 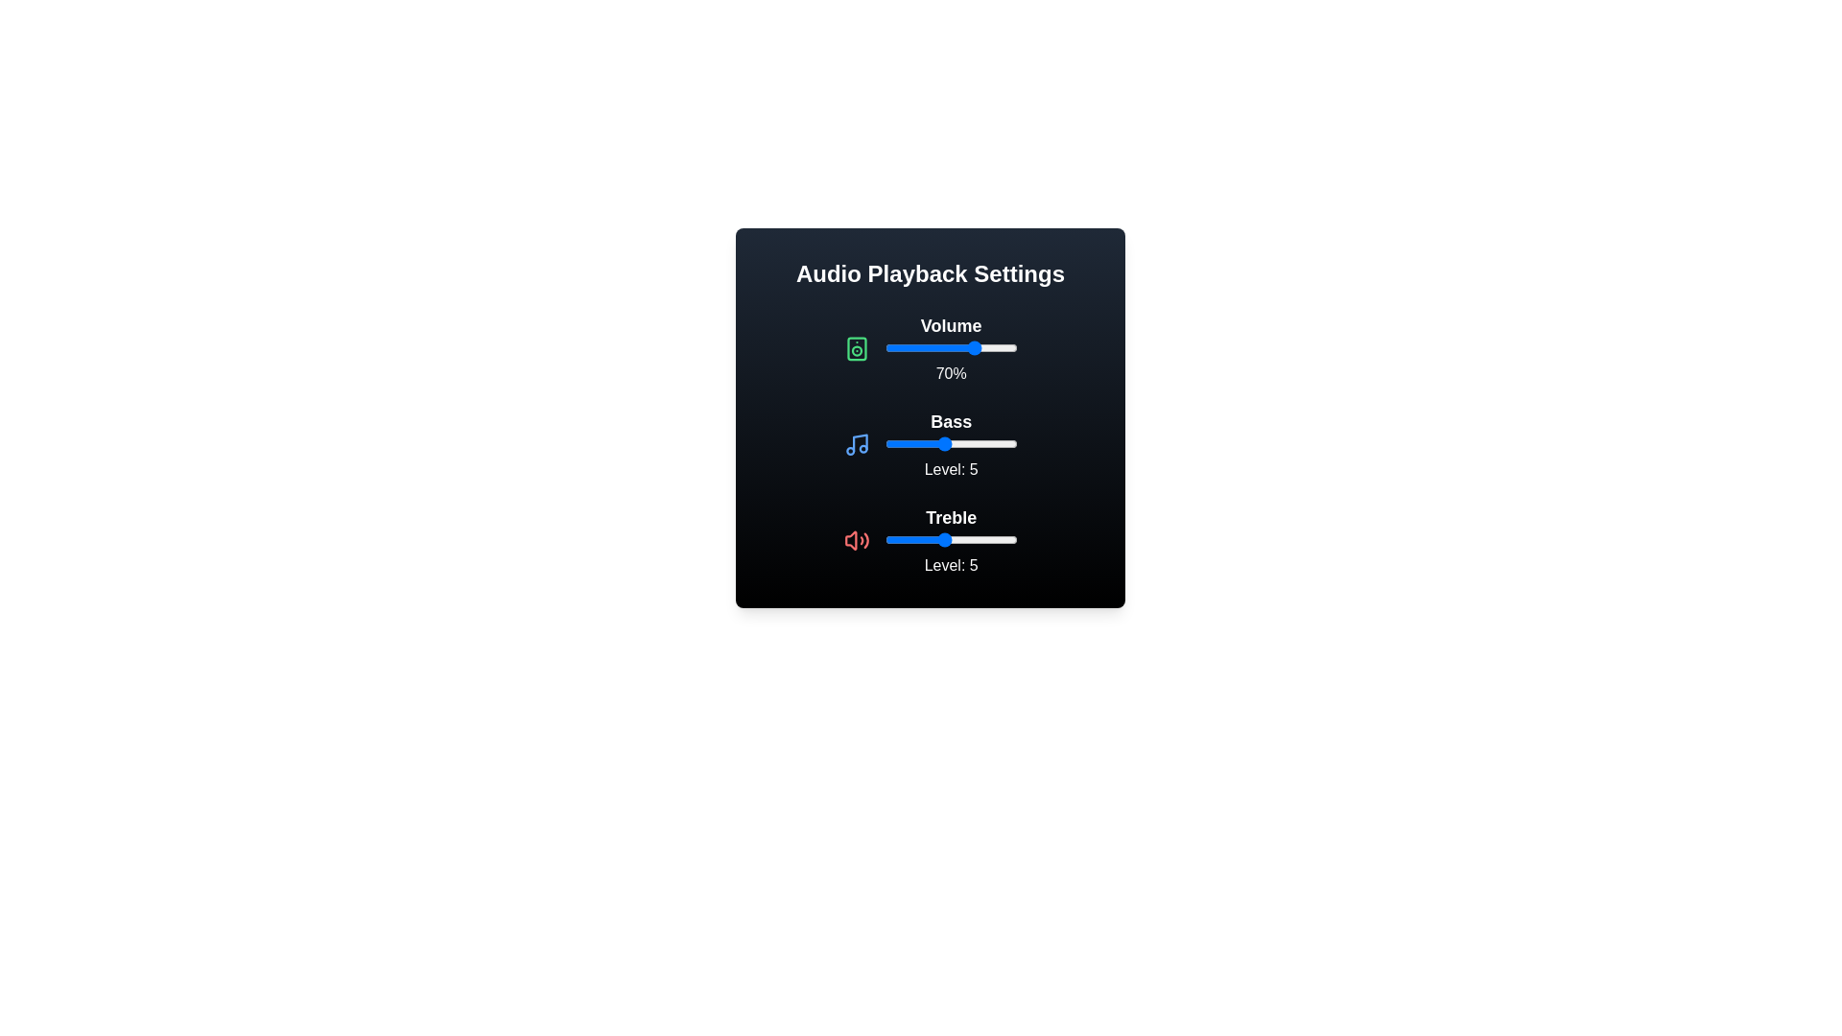 I want to click on the 'Volume' text label, which is a bold, large font label in white on a dark background, positioned at the top of the audio settings panel, so click(x=951, y=324).